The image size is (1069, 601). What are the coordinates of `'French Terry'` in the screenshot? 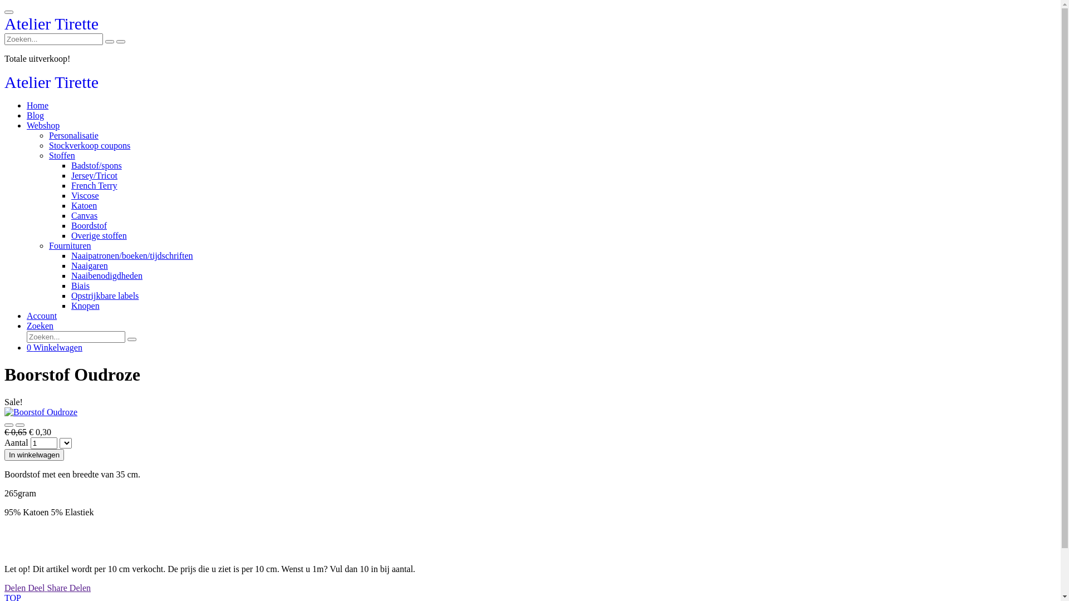 It's located at (94, 185).